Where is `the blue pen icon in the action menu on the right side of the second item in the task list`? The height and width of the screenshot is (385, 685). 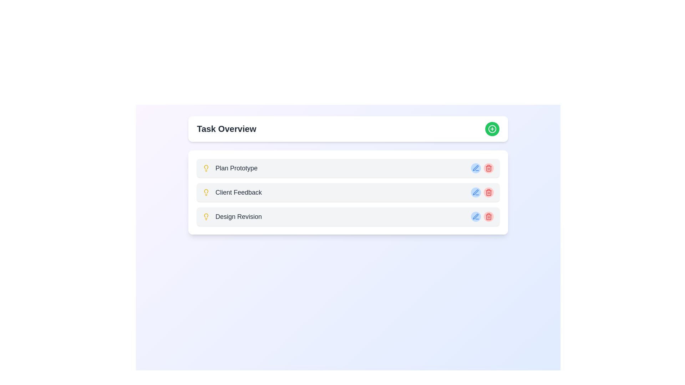 the blue pen icon in the action menu on the right side of the second item in the task list is located at coordinates (476, 192).